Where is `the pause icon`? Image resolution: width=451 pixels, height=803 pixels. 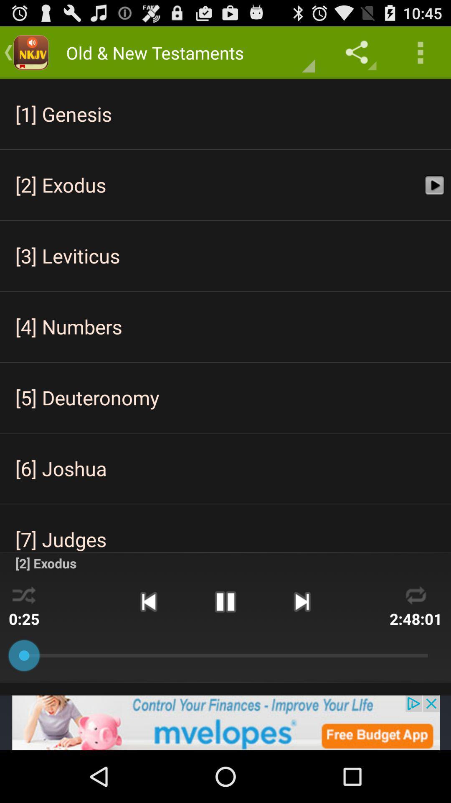
the pause icon is located at coordinates (225, 643).